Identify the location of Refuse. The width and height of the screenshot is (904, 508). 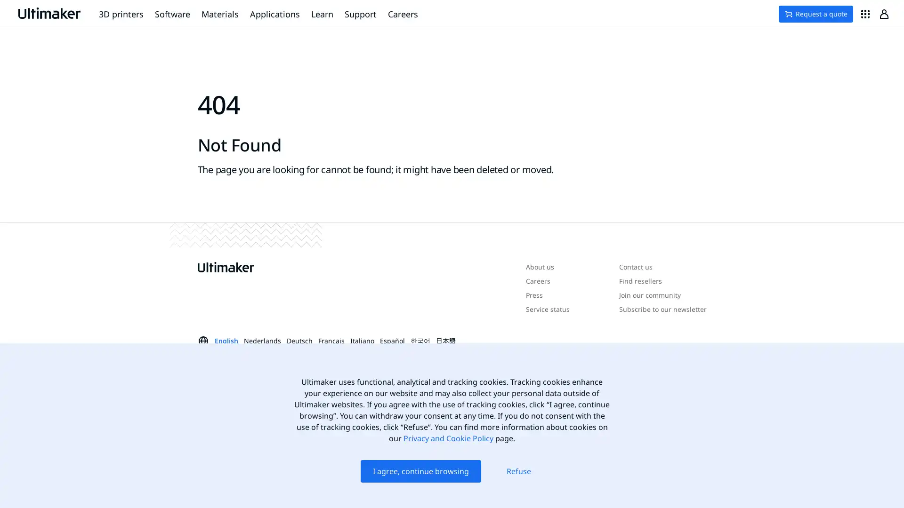
(518, 471).